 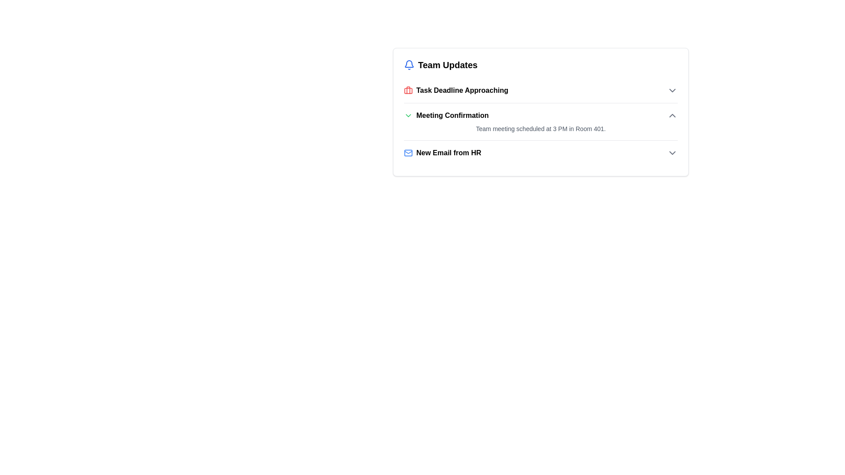 I want to click on text that provides information about a scheduled team meeting located in the 'Meeting Confirmation' section, directly below the header text, so click(x=540, y=129).